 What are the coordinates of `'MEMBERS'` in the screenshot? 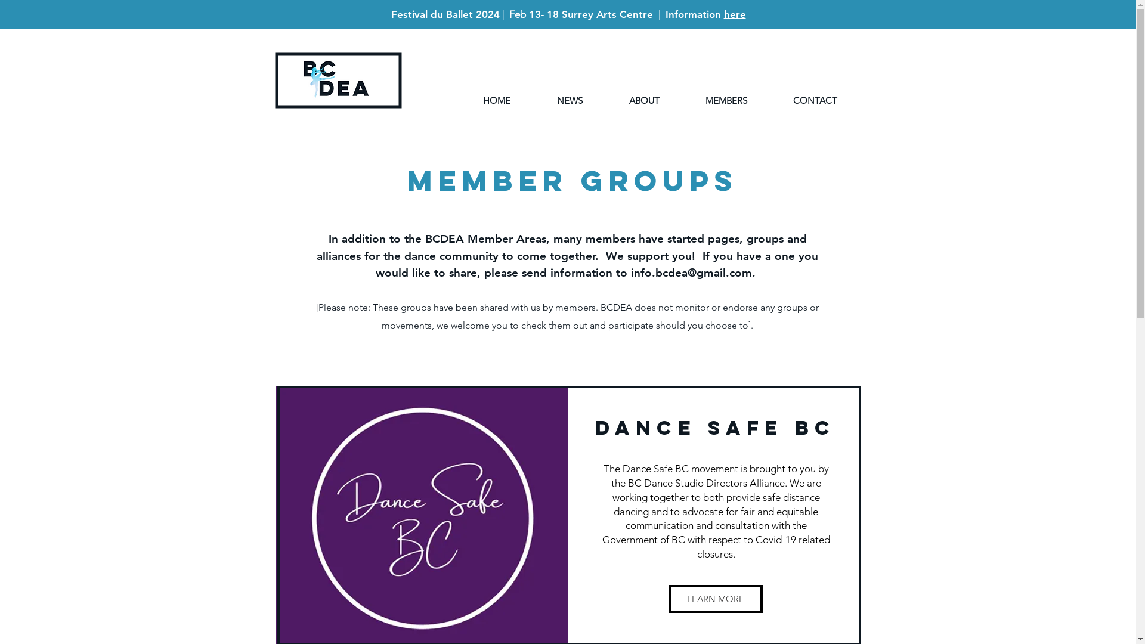 It's located at (725, 100).